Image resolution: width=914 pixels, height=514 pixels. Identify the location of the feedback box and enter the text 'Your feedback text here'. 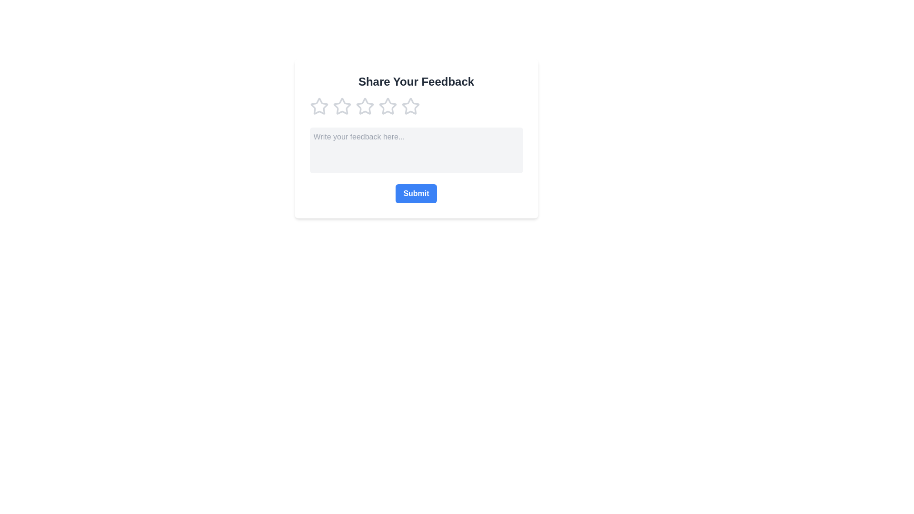
(416, 150).